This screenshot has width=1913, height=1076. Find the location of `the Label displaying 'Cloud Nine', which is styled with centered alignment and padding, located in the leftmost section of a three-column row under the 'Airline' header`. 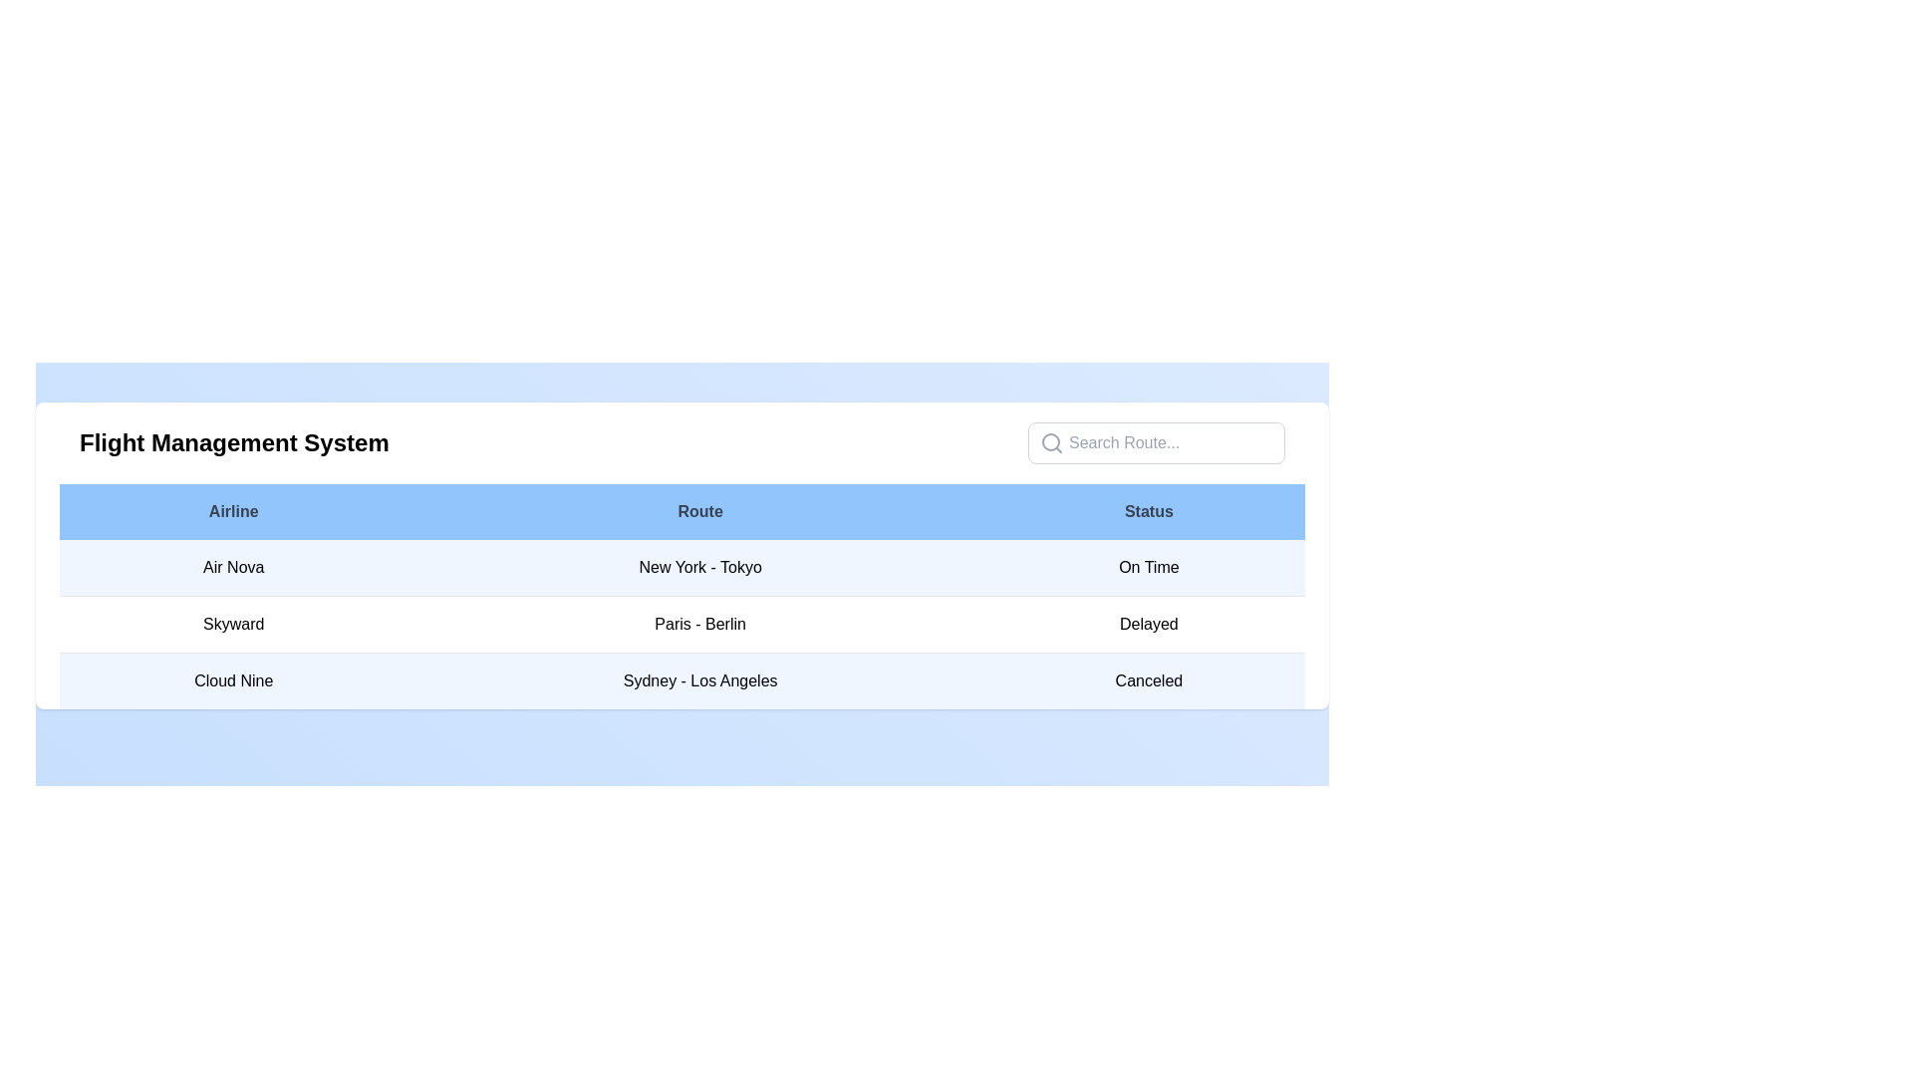

the Label displaying 'Cloud Nine', which is styled with centered alignment and padding, located in the leftmost section of a three-column row under the 'Airline' header is located at coordinates (233, 679).